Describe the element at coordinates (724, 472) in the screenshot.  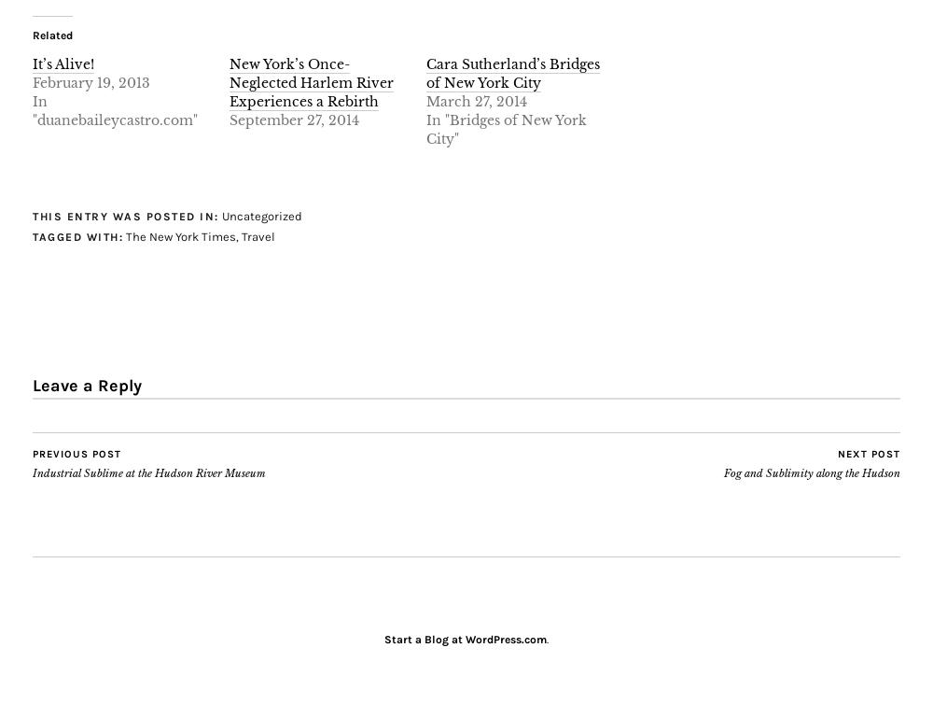
I see `'Fog and Sublimity along the Hudson'` at that location.